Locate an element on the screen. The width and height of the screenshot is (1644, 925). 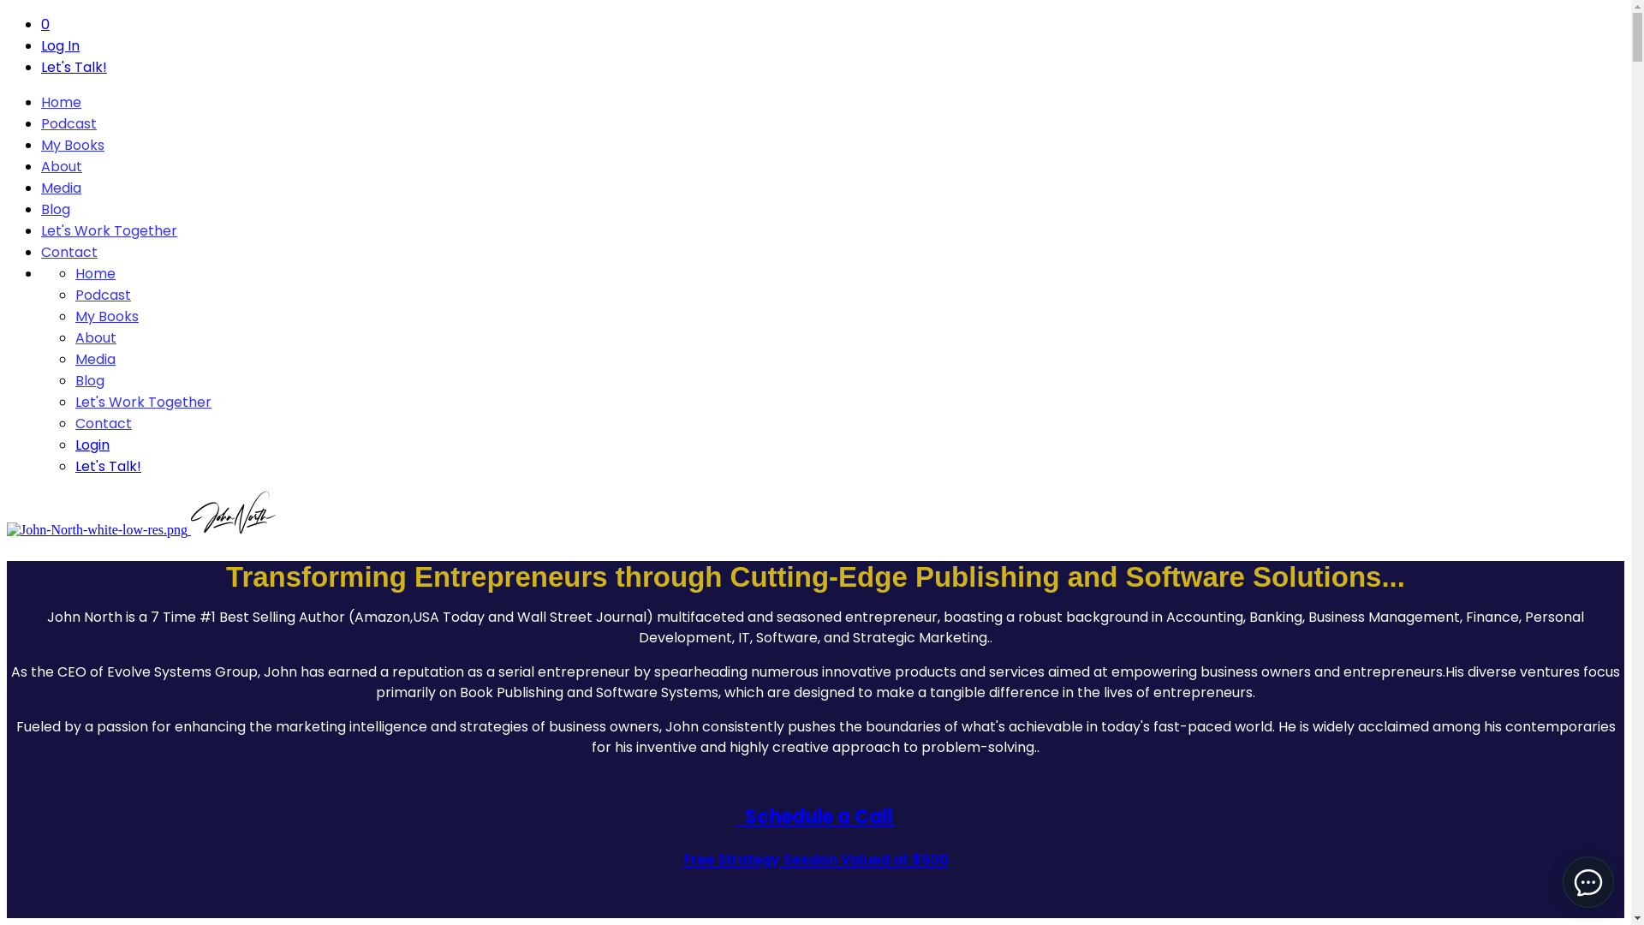
'Home' is located at coordinates (61, 102).